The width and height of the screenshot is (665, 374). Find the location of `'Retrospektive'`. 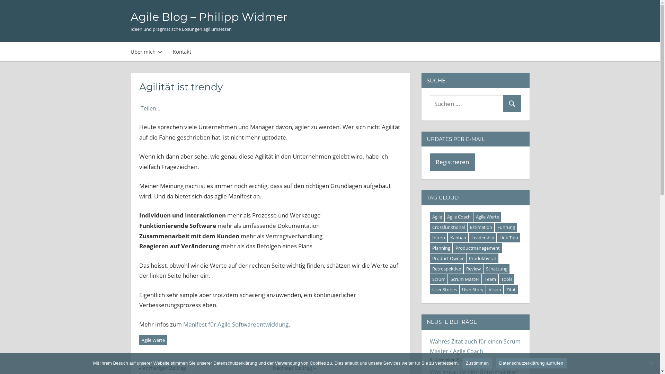

'Retrospektive' is located at coordinates (429, 268).